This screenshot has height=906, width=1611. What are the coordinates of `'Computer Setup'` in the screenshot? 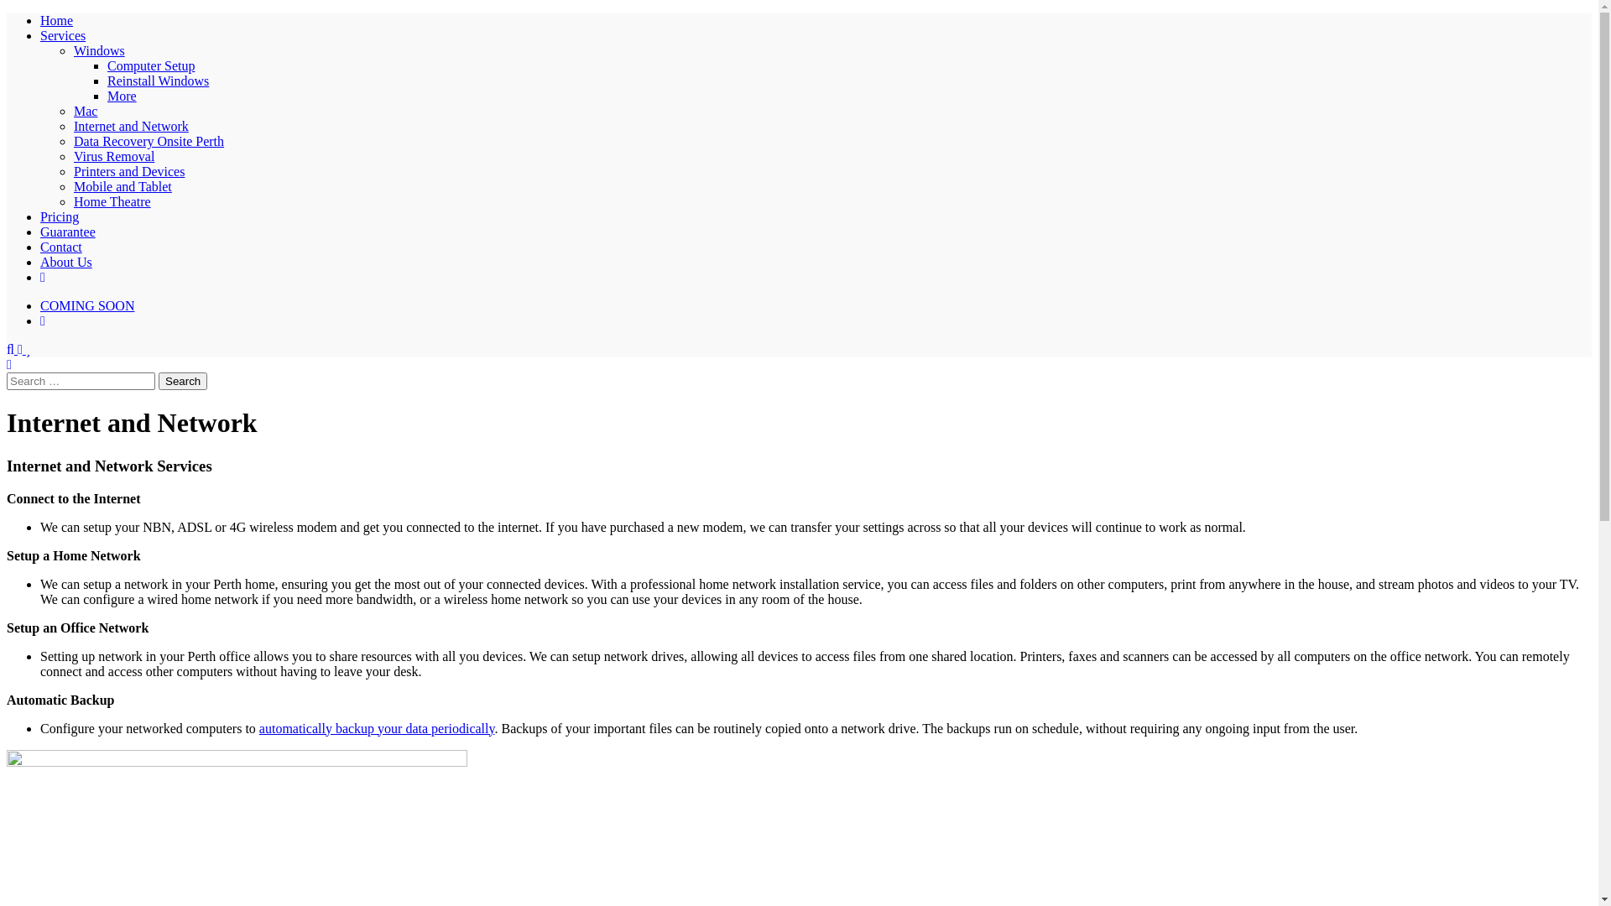 It's located at (151, 65).